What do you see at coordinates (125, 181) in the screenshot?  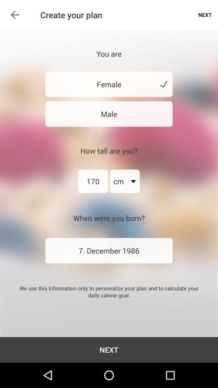 I see `the icon next to 170 item` at bounding box center [125, 181].